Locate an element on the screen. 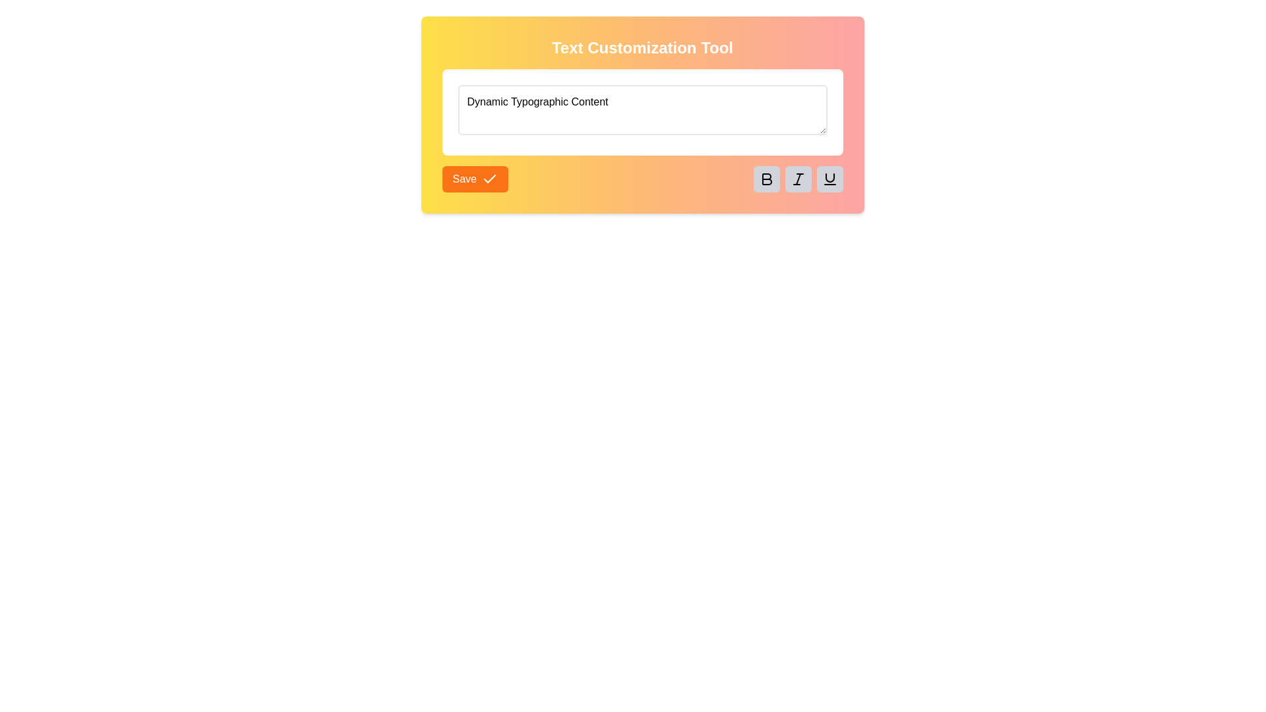 The image size is (1266, 712). the 'Save' button with a checkmark icon, which has an orange background and white text is located at coordinates (475, 179).